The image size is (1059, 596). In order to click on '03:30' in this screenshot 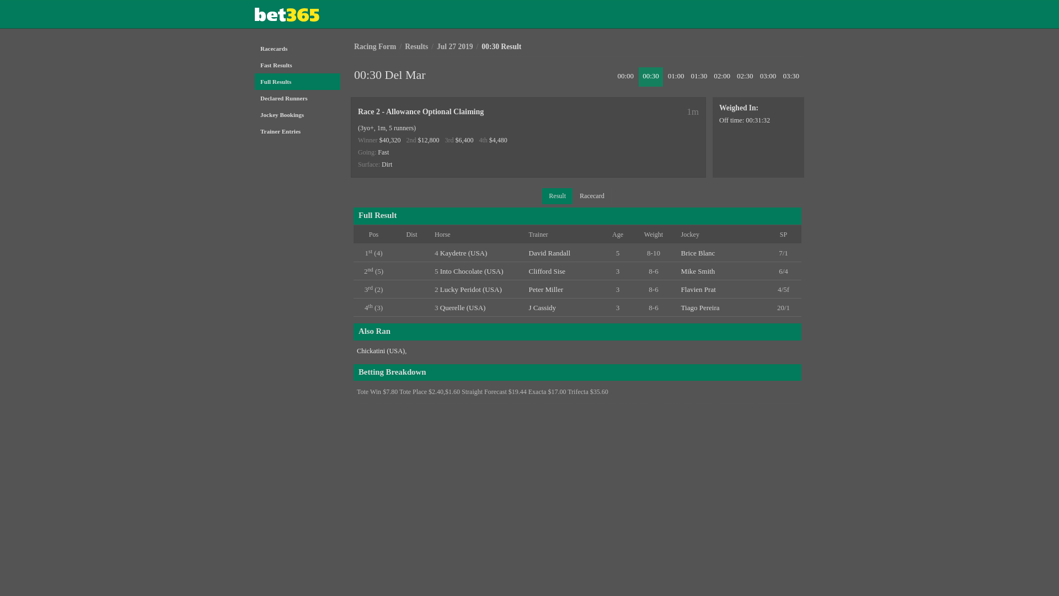, I will do `click(790, 77)`.